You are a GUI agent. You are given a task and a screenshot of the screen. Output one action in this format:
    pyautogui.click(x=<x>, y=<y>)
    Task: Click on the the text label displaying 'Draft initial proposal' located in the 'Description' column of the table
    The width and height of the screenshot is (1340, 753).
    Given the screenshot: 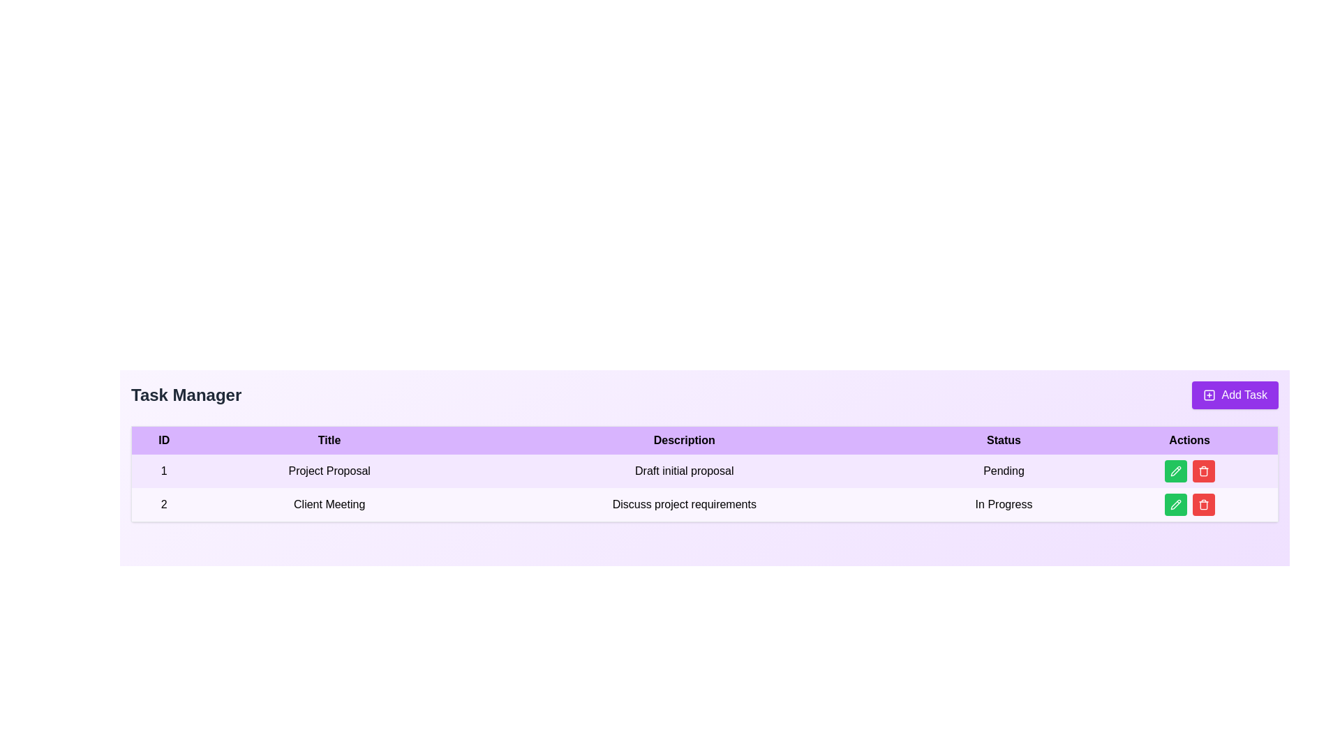 What is the action you would take?
    pyautogui.click(x=684, y=471)
    